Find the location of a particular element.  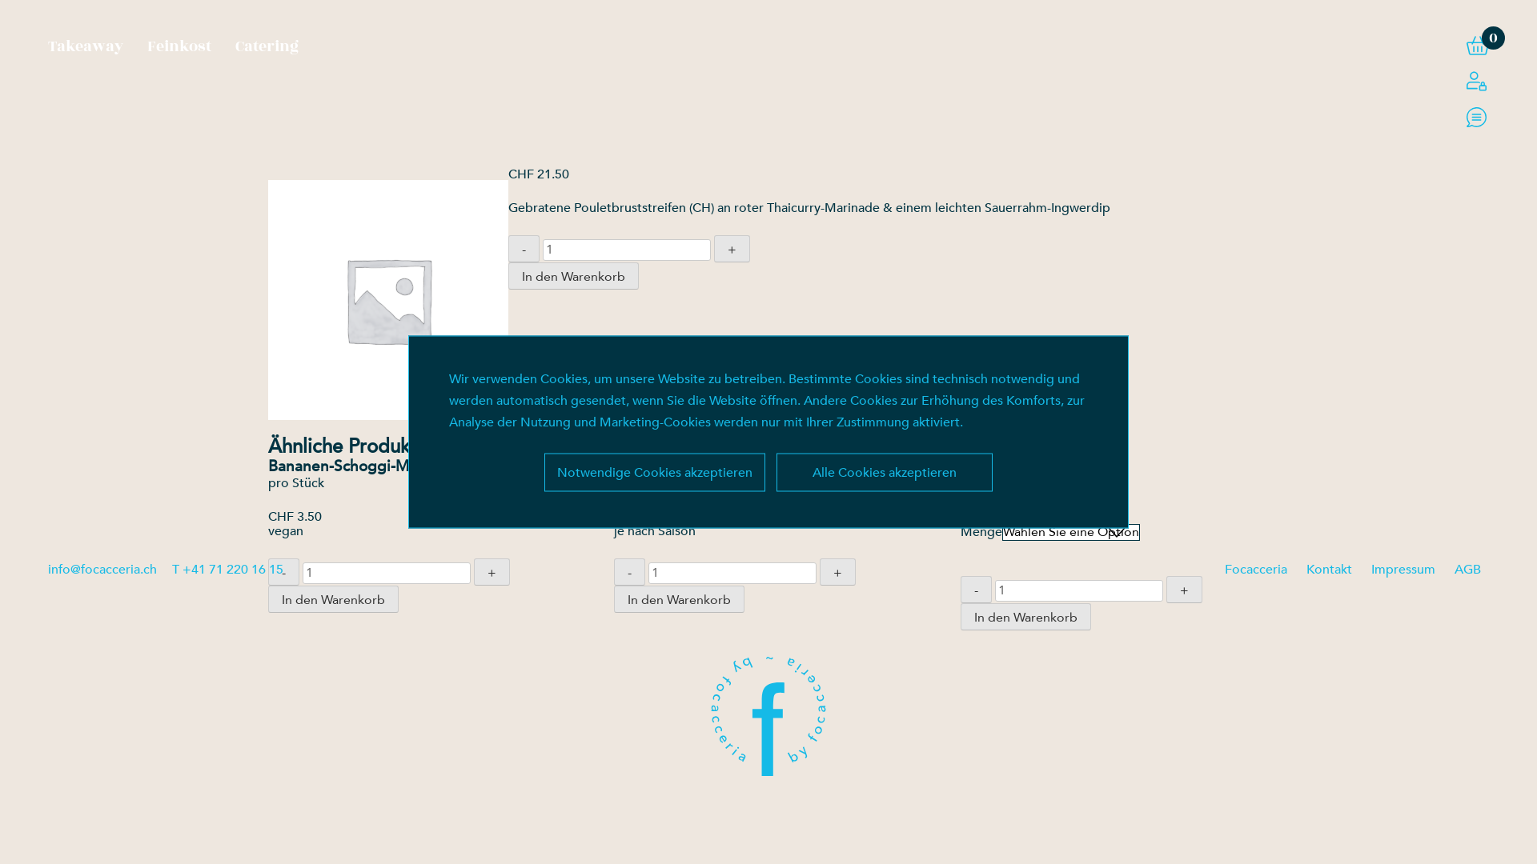

'Focacceria' is located at coordinates (1255, 569).